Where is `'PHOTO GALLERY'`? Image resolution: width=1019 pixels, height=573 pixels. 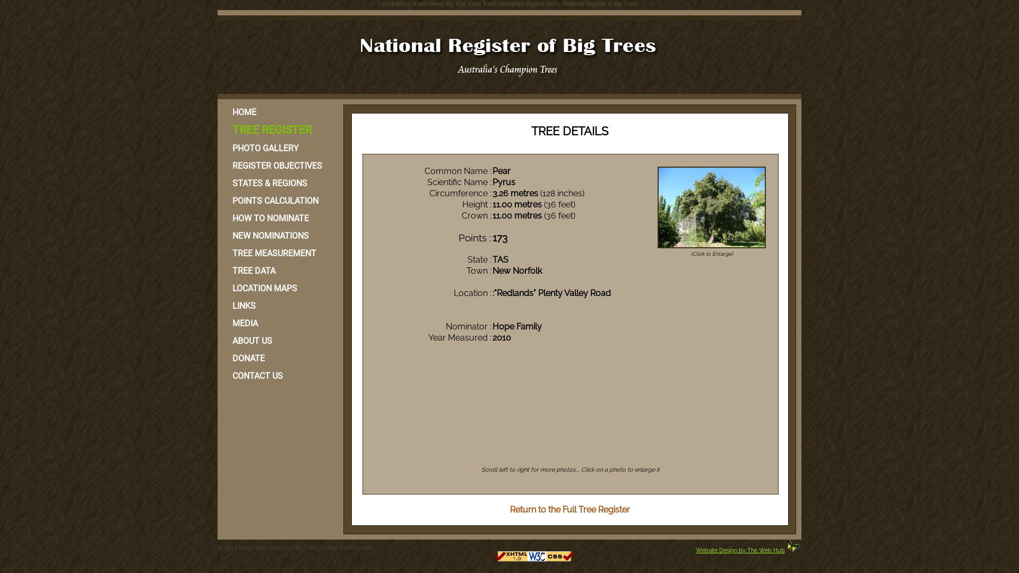 'PHOTO GALLERY' is located at coordinates (279, 148).